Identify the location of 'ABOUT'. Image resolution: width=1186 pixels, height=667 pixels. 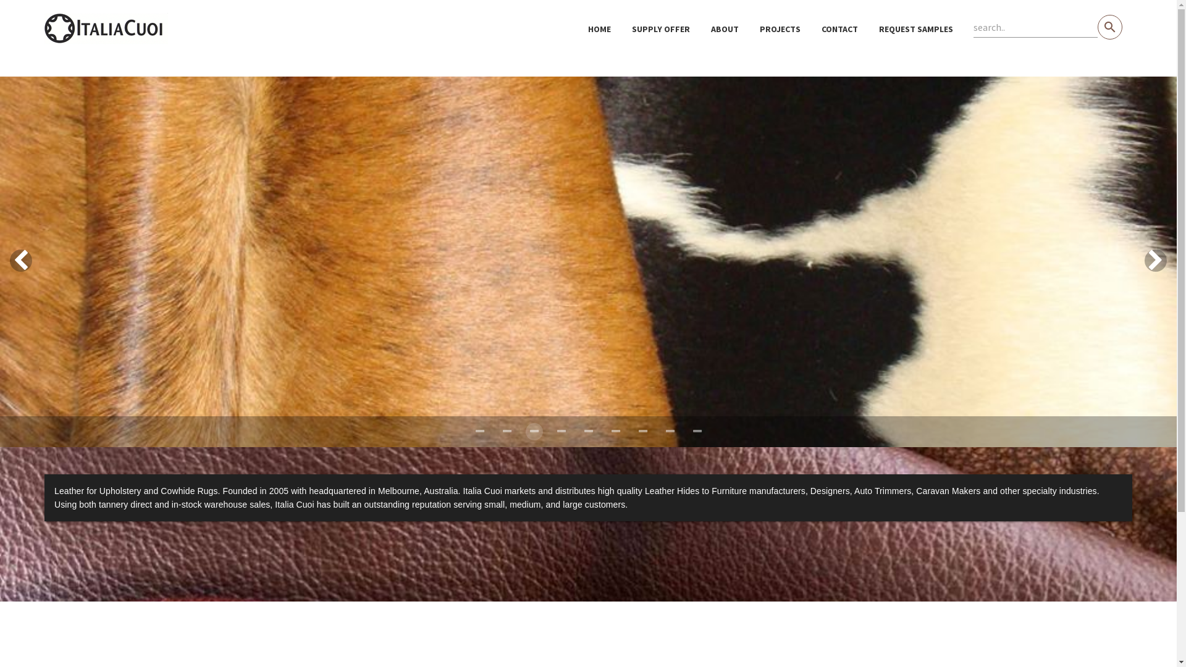
(725, 28).